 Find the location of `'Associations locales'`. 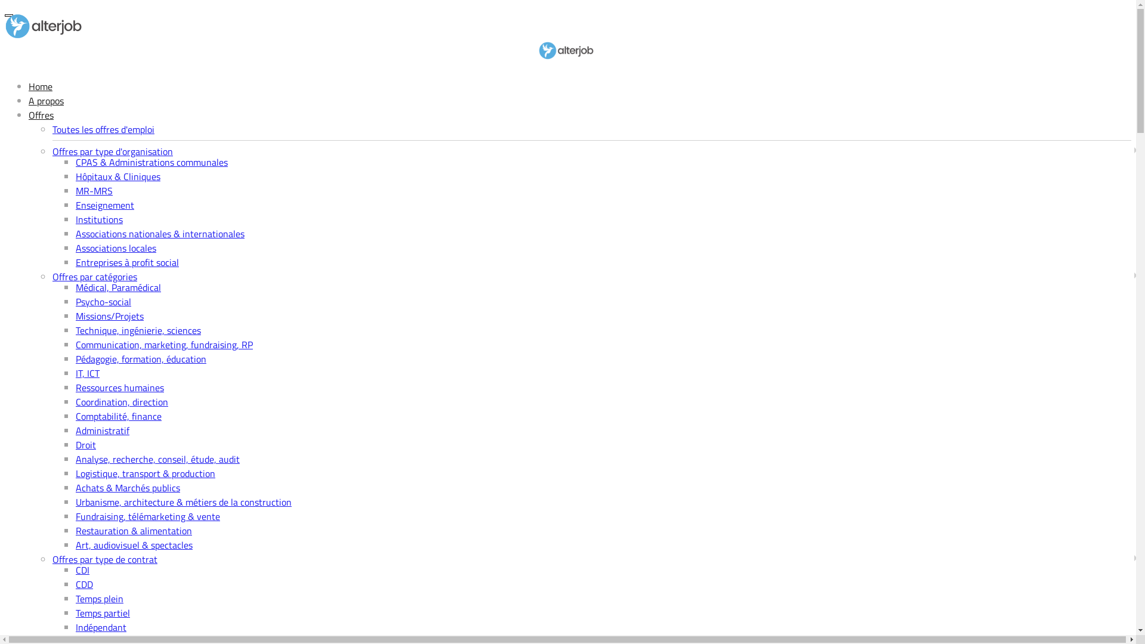

'Associations locales' is located at coordinates (116, 247).